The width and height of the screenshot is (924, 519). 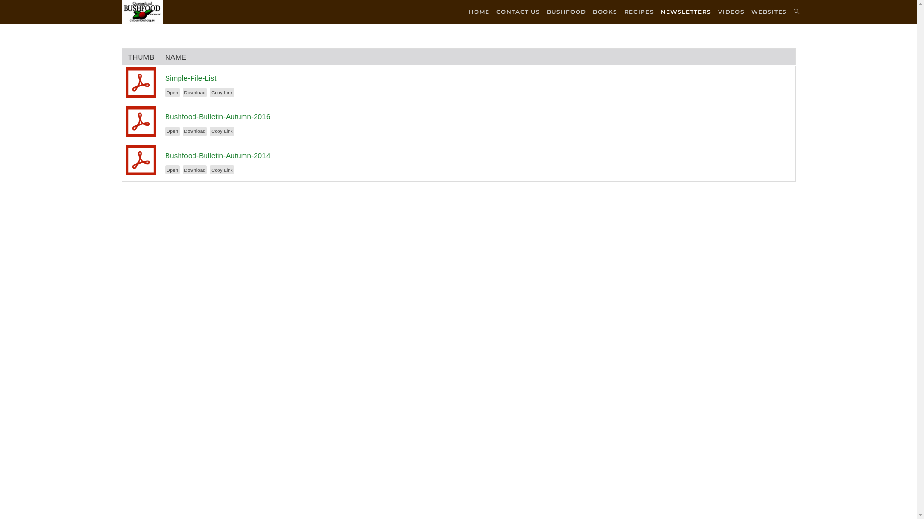 I want to click on 'Simple-File-List', so click(x=191, y=77).